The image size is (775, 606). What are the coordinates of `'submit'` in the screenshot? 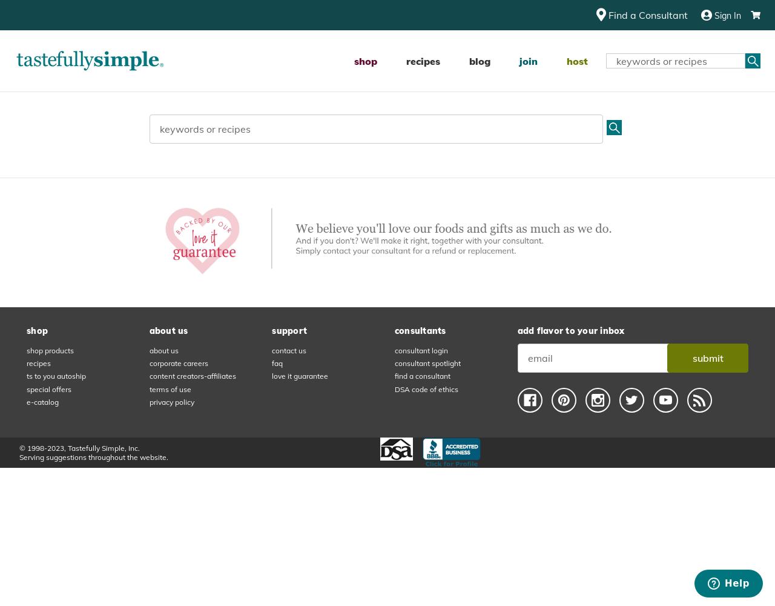 It's located at (707, 358).